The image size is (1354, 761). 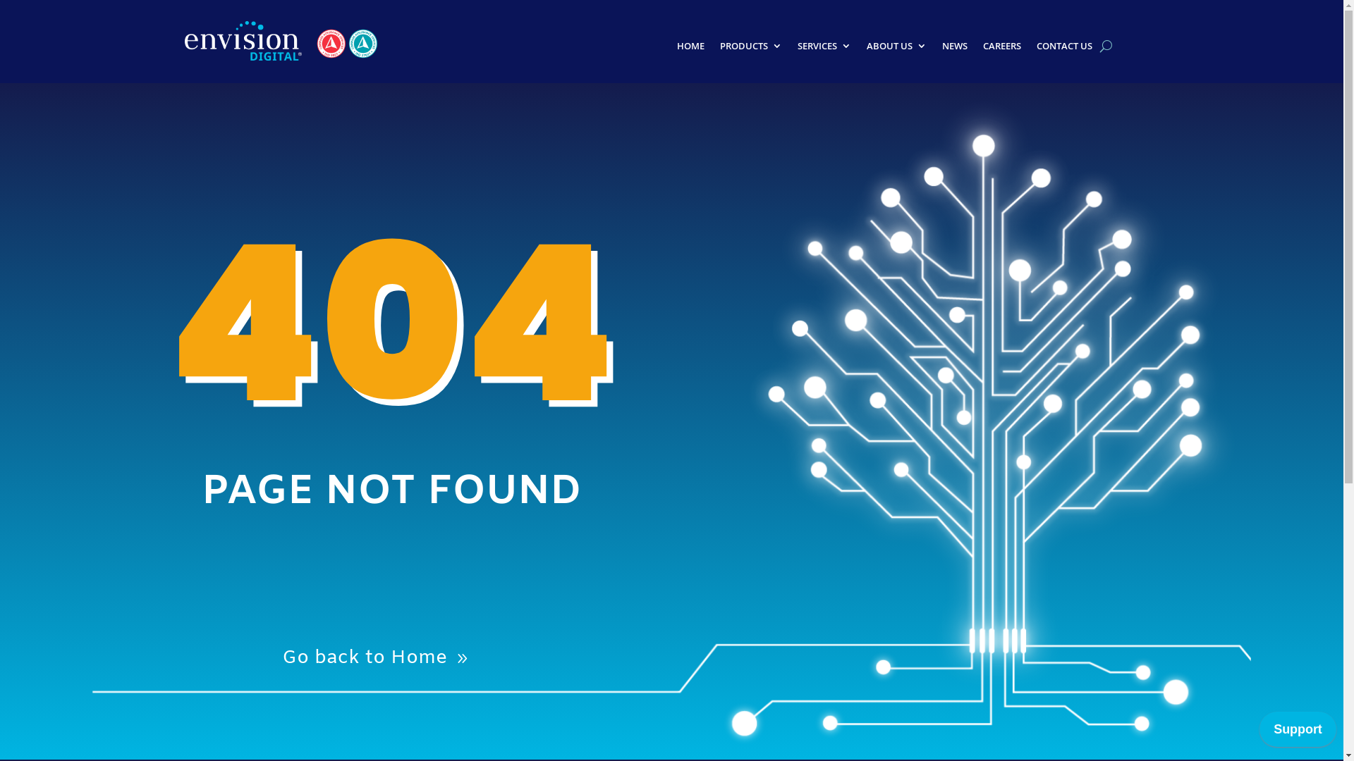 I want to click on 'CAREERS', so click(x=1001, y=48).